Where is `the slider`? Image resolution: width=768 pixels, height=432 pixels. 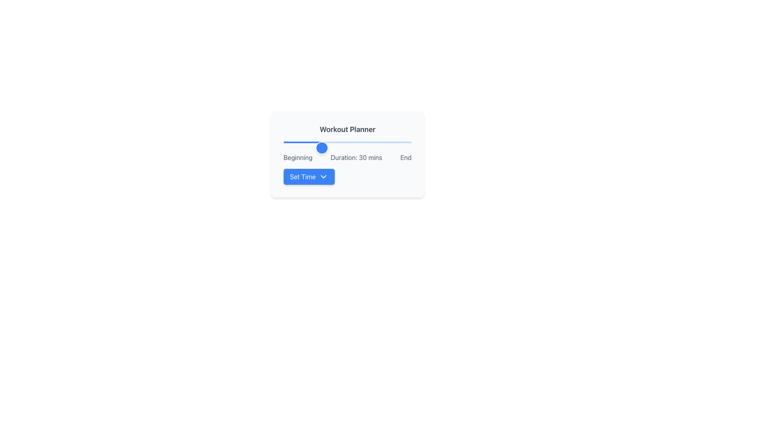
the slider is located at coordinates (314, 141).